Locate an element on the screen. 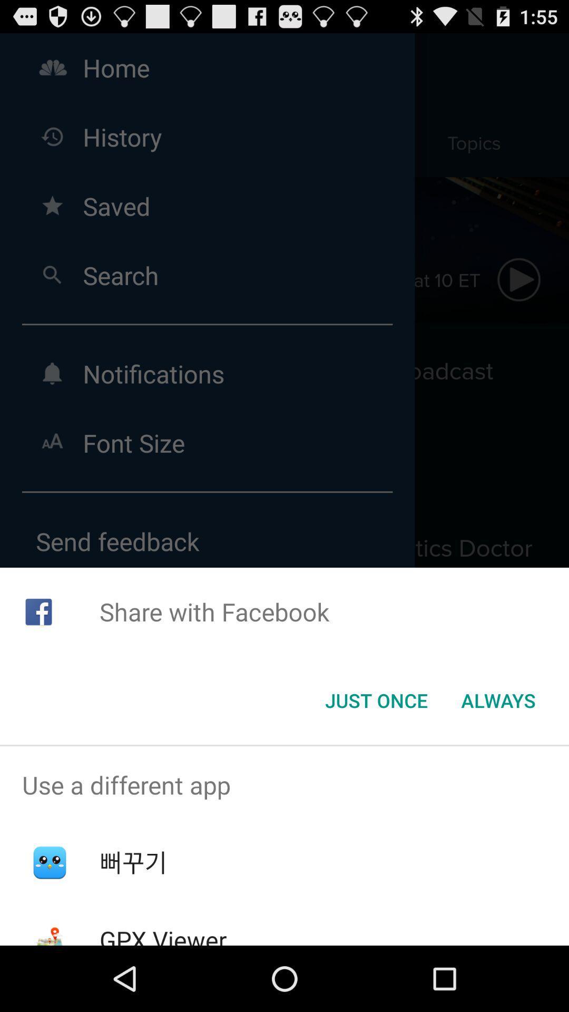 The image size is (569, 1012). always button is located at coordinates (498, 700).